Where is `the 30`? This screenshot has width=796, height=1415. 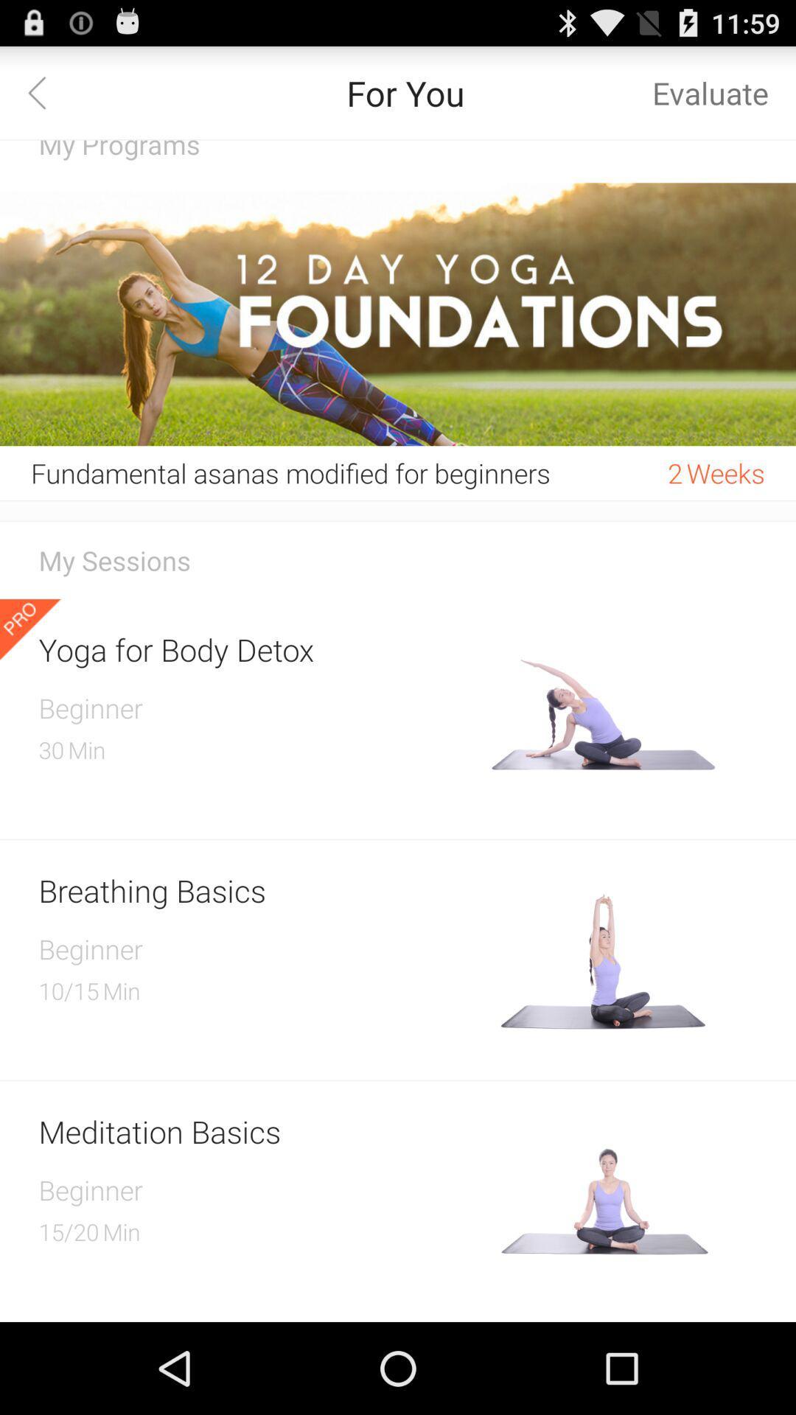 the 30 is located at coordinates (50, 750).